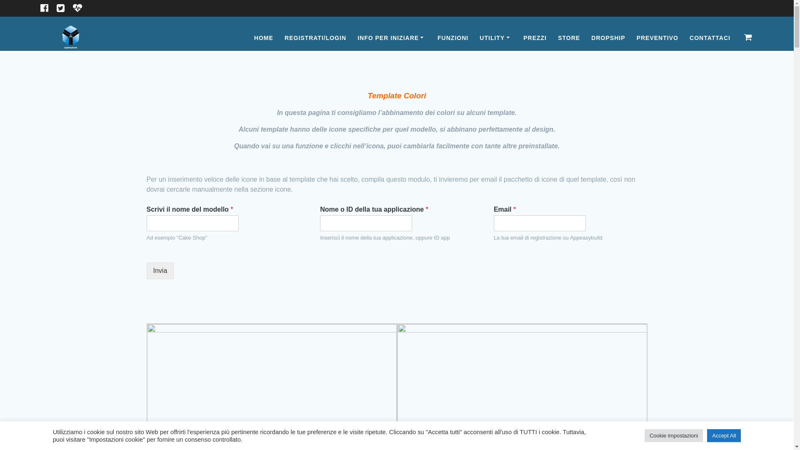 The height and width of the screenshot is (450, 800). I want to click on 'Accept All', so click(723, 435).